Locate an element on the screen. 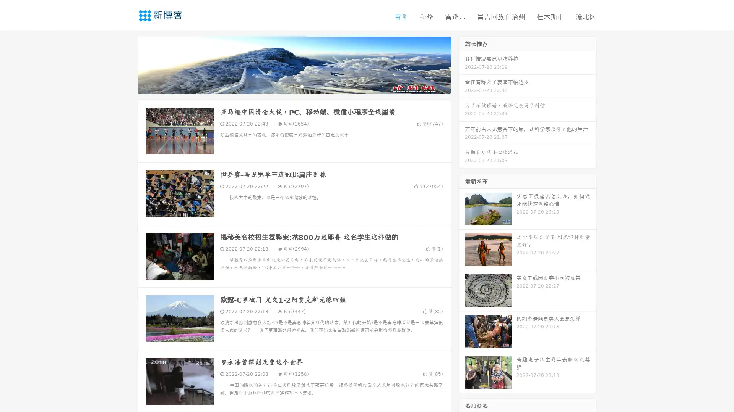 This screenshot has width=734, height=412. Go to slide 3 is located at coordinates (302, 86).